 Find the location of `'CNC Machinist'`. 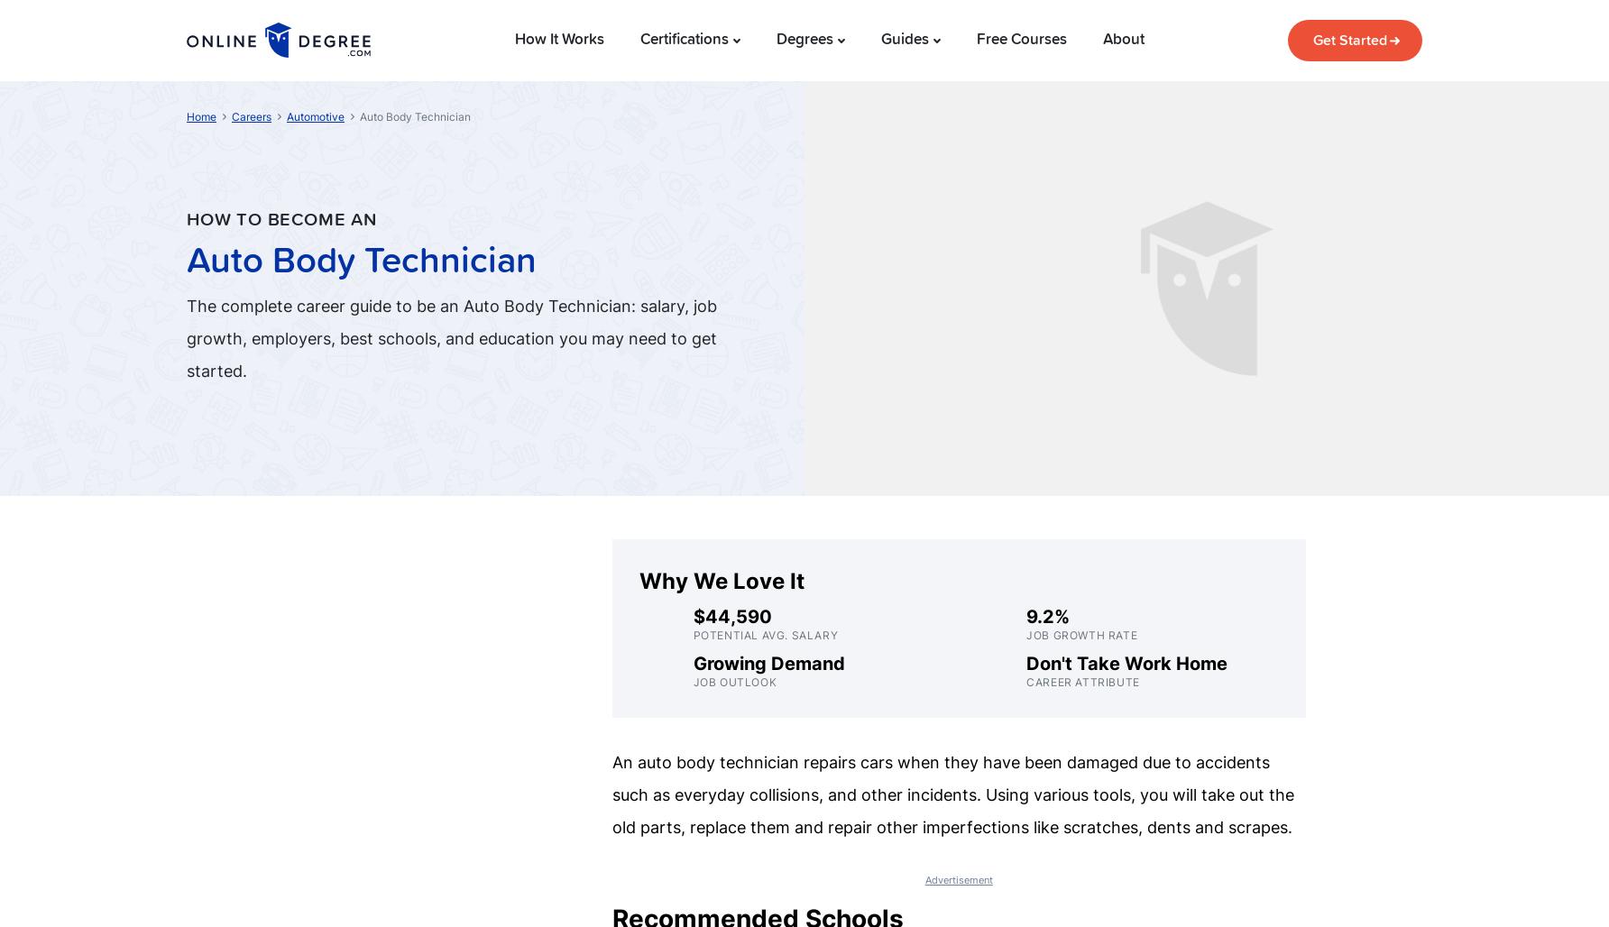

'CNC Machinist' is located at coordinates (1134, 819).